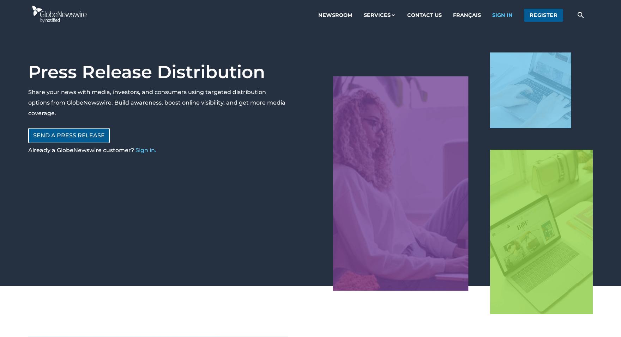 The width and height of the screenshot is (621, 337). What do you see at coordinates (145, 150) in the screenshot?
I see `'Sign in.'` at bounding box center [145, 150].